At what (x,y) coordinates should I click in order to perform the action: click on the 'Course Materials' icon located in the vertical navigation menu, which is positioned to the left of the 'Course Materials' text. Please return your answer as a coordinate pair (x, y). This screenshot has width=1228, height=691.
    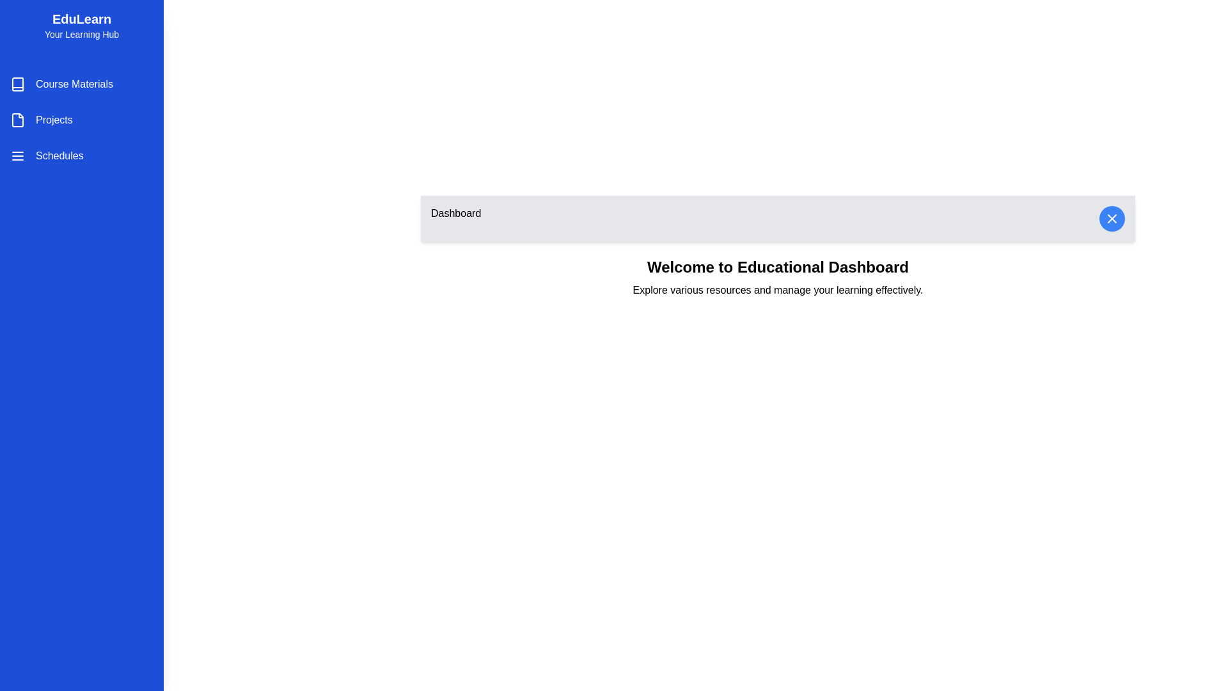
    Looking at the image, I should click on (18, 84).